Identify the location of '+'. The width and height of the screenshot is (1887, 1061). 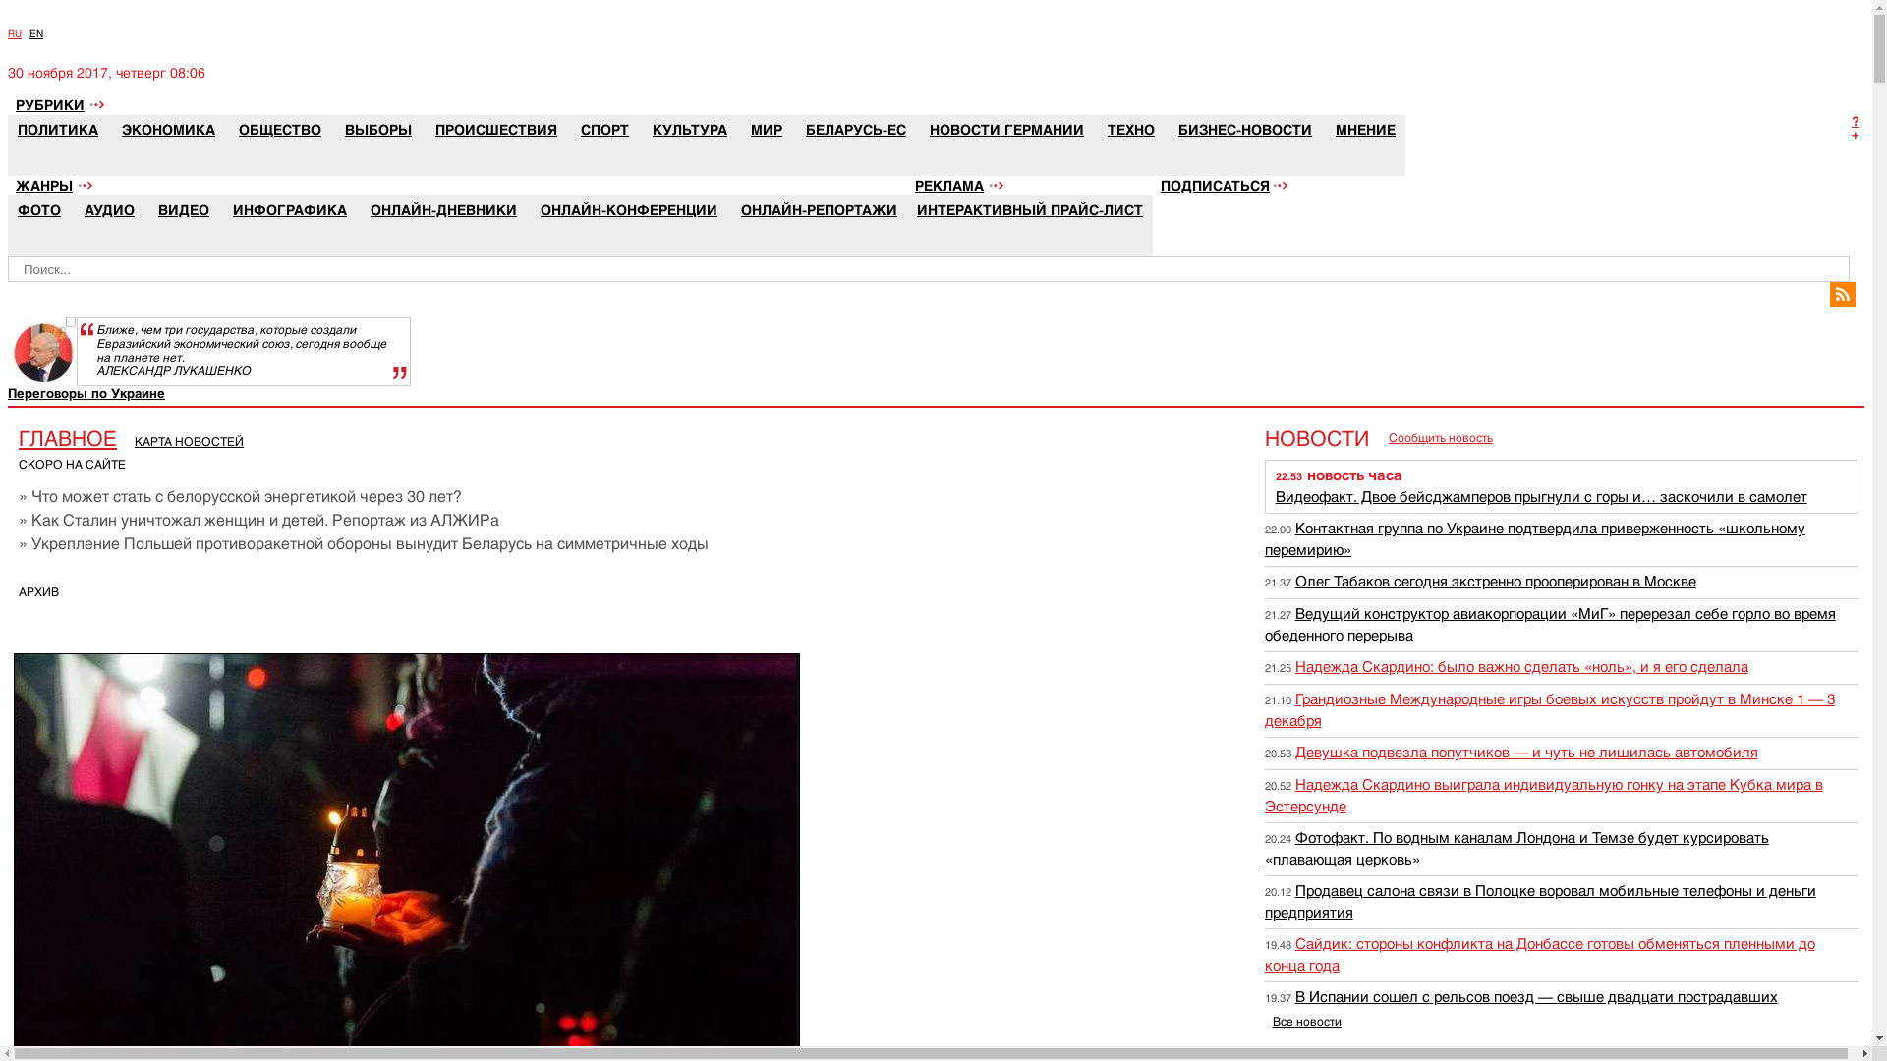
(1857, 133).